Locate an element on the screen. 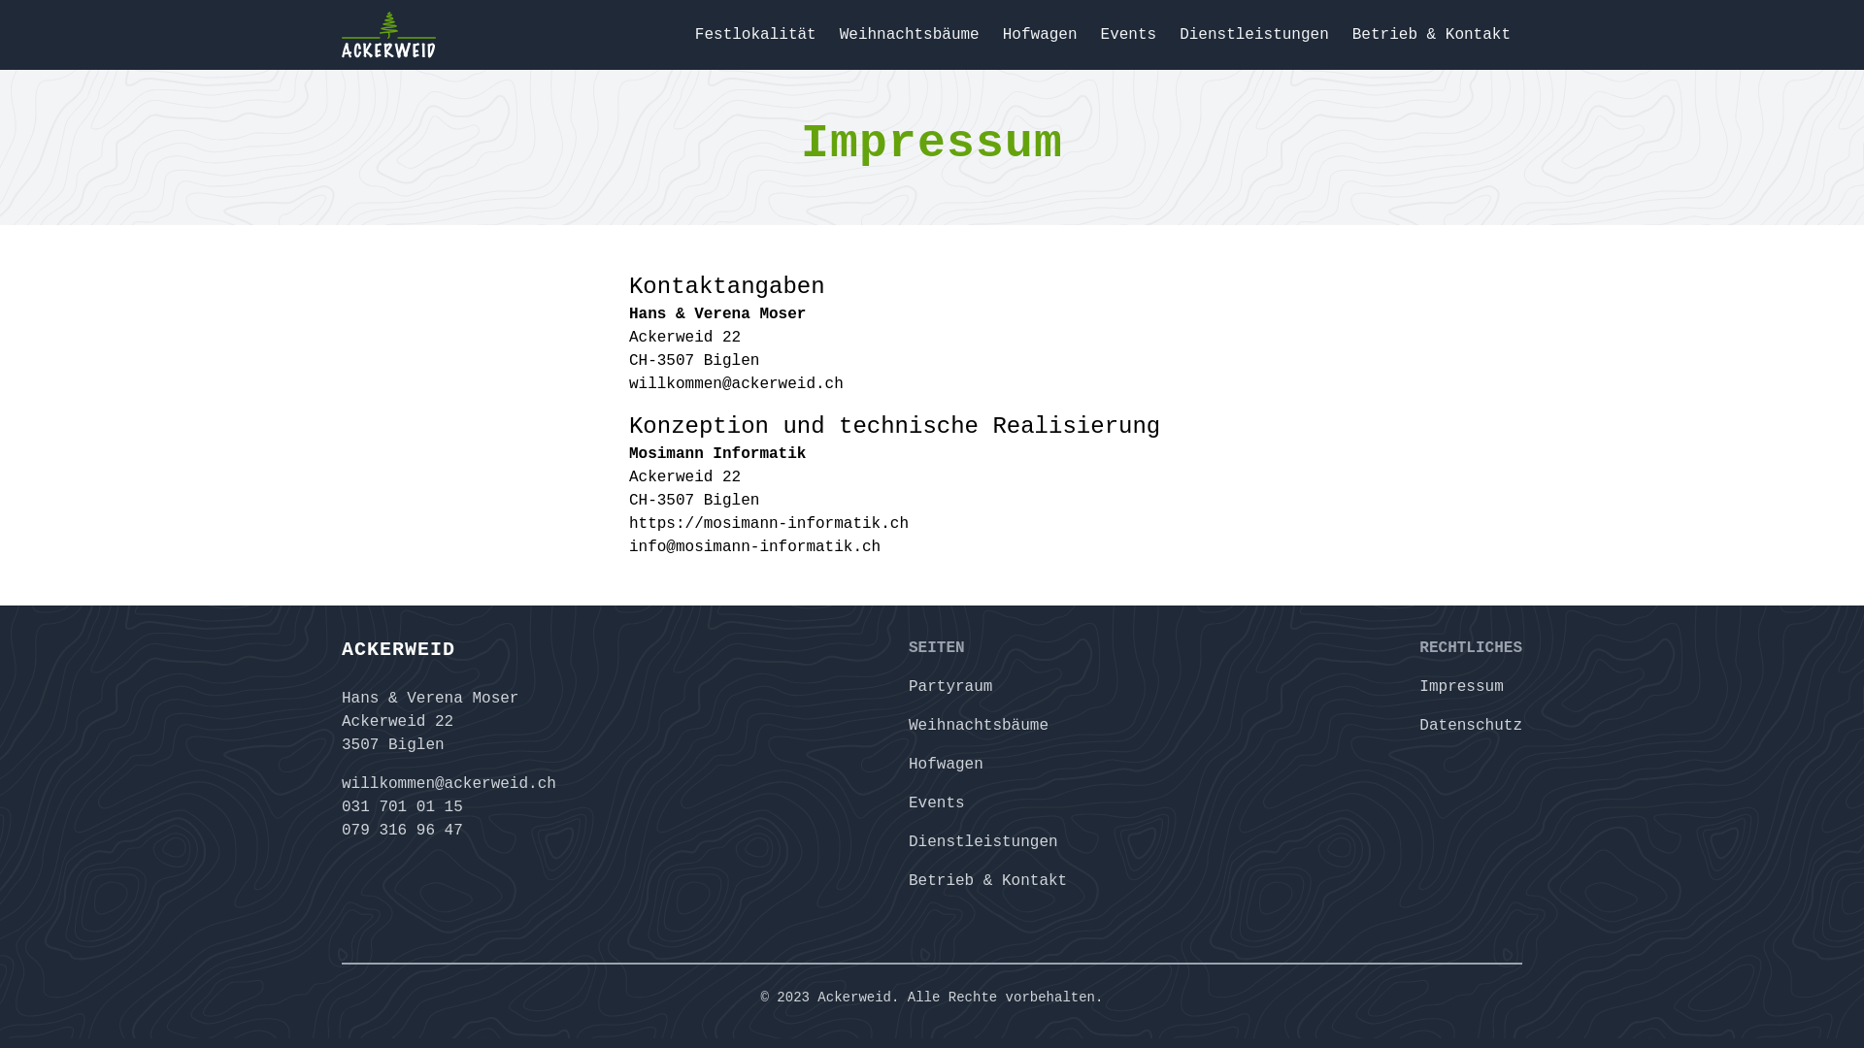 This screenshot has height=1048, width=1864. 'info@mosimann-informatik.ch' is located at coordinates (629, 546).